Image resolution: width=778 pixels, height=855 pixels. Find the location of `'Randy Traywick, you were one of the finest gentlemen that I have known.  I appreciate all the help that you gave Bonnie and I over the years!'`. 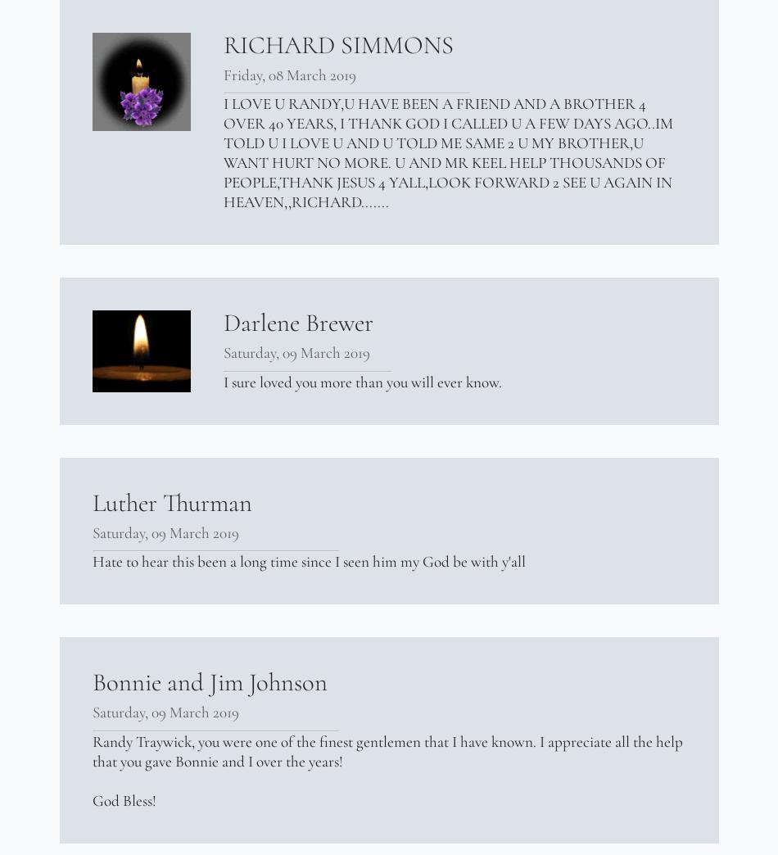

'Randy Traywick, you were one of the finest gentlemen that I have known.  I appreciate all the help that you gave Bonnie and I over the years!' is located at coordinates (386, 750).